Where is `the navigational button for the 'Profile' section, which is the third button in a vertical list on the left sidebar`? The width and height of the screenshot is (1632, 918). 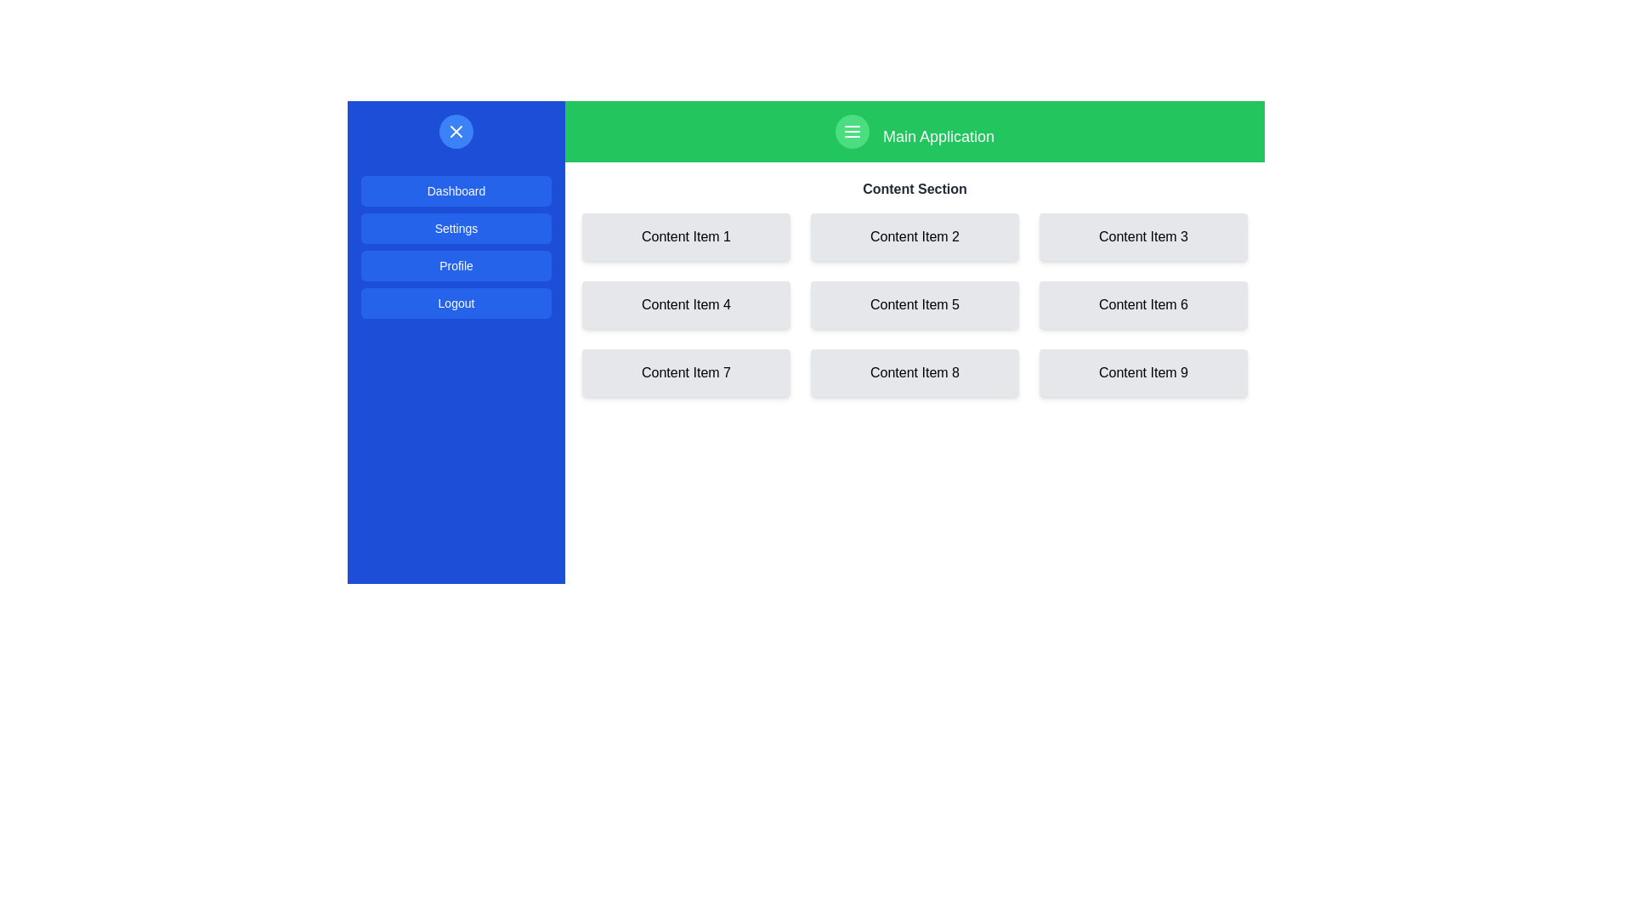 the navigational button for the 'Profile' section, which is the third button in a vertical list on the left sidebar is located at coordinates (456, 250).